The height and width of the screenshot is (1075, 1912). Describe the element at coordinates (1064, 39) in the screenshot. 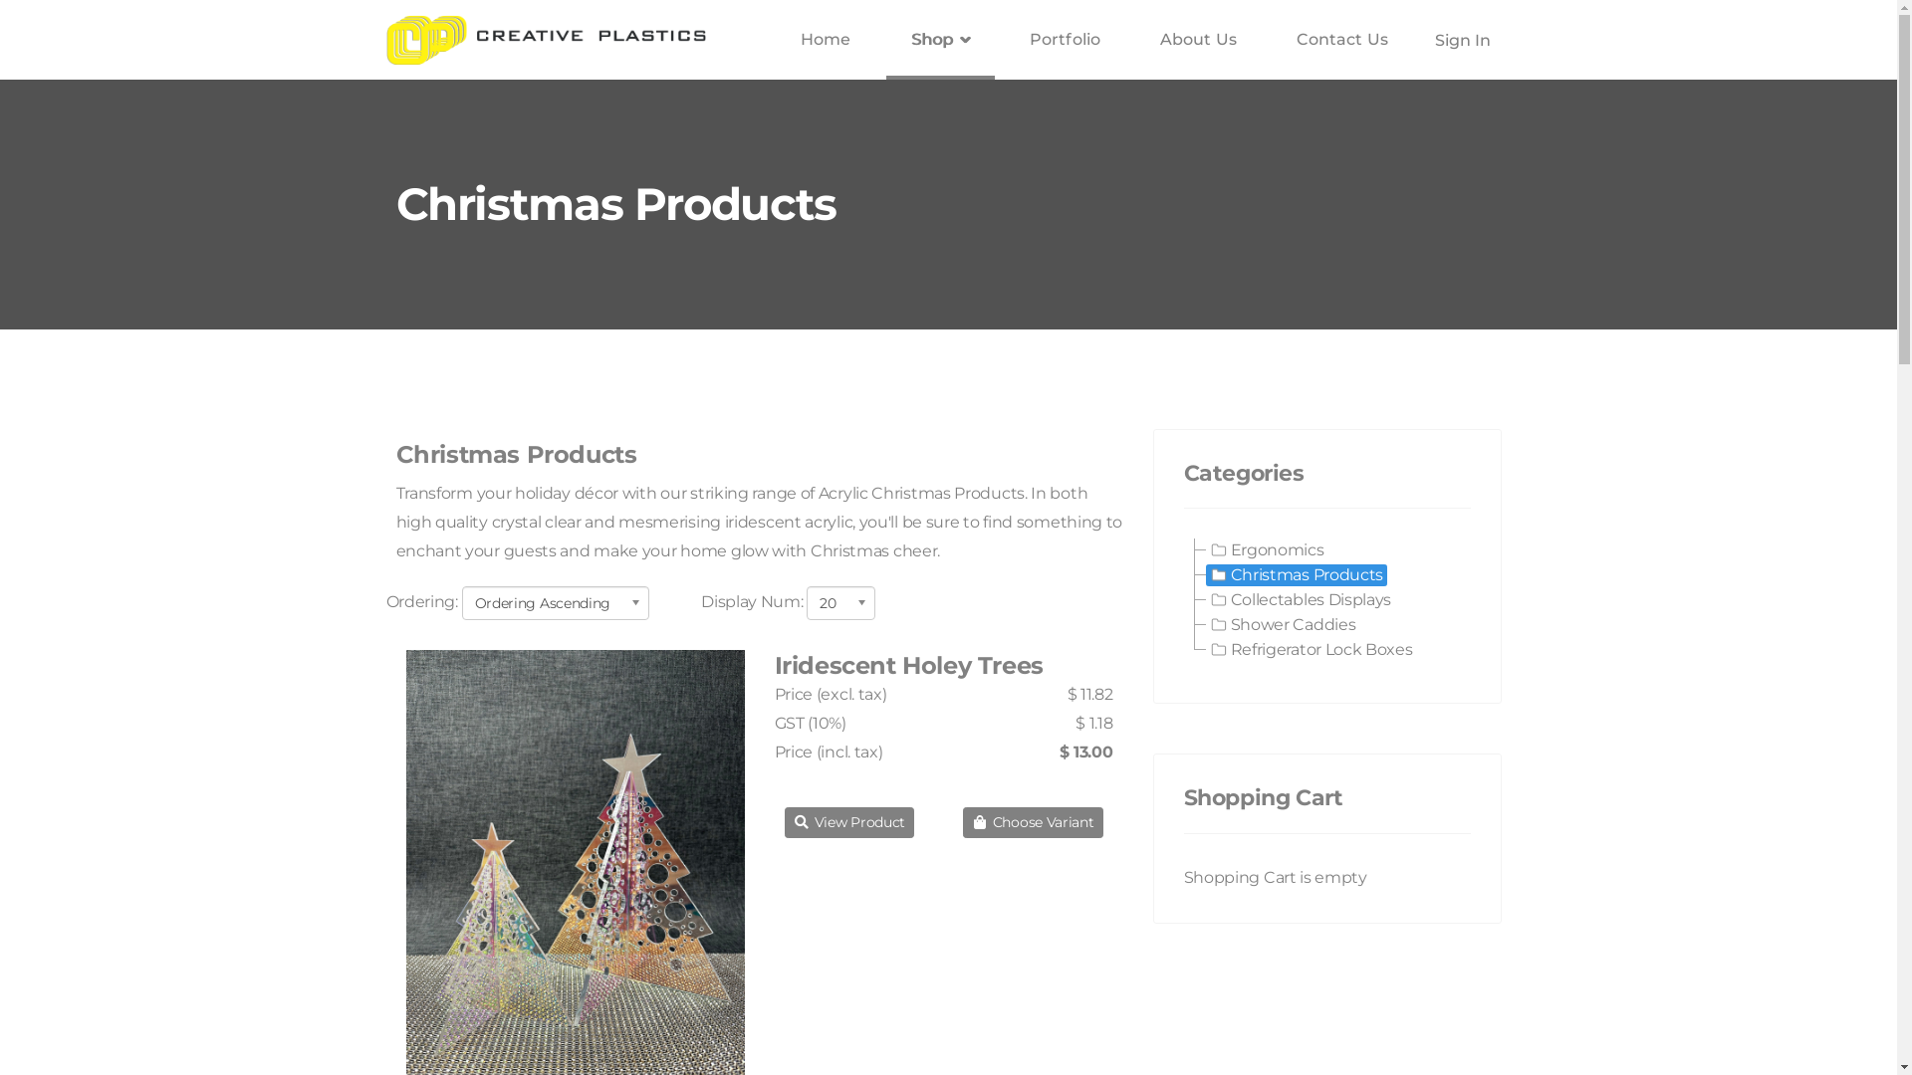

I see `'Portfolio'` at that location.